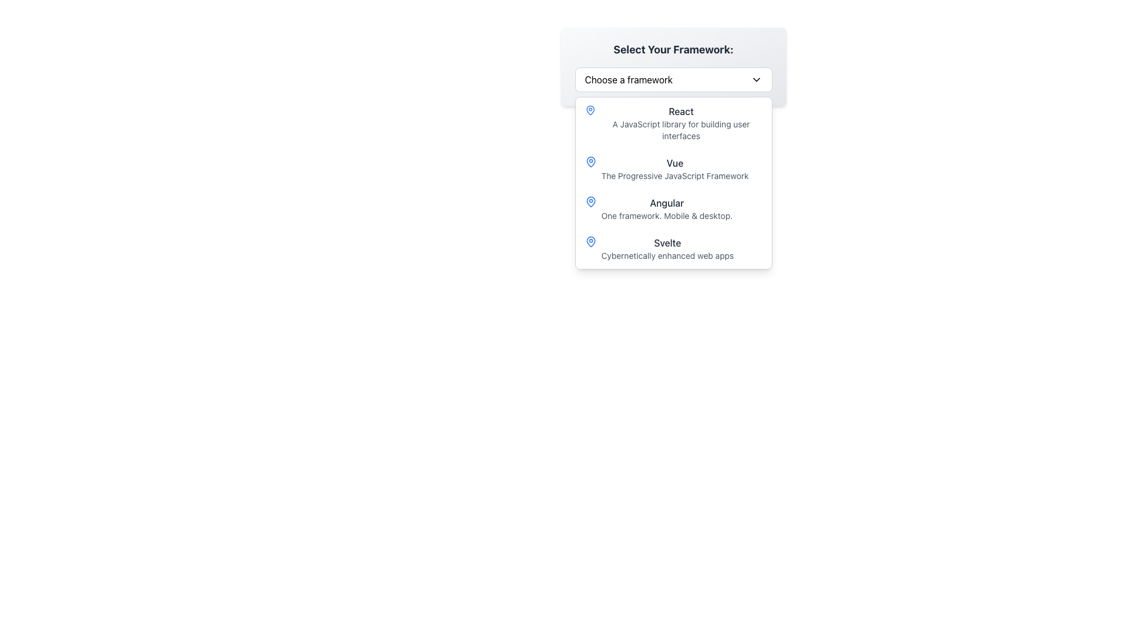  I want to click on the arrow of the Dropdown menu that allows the user, so click(673, 79).